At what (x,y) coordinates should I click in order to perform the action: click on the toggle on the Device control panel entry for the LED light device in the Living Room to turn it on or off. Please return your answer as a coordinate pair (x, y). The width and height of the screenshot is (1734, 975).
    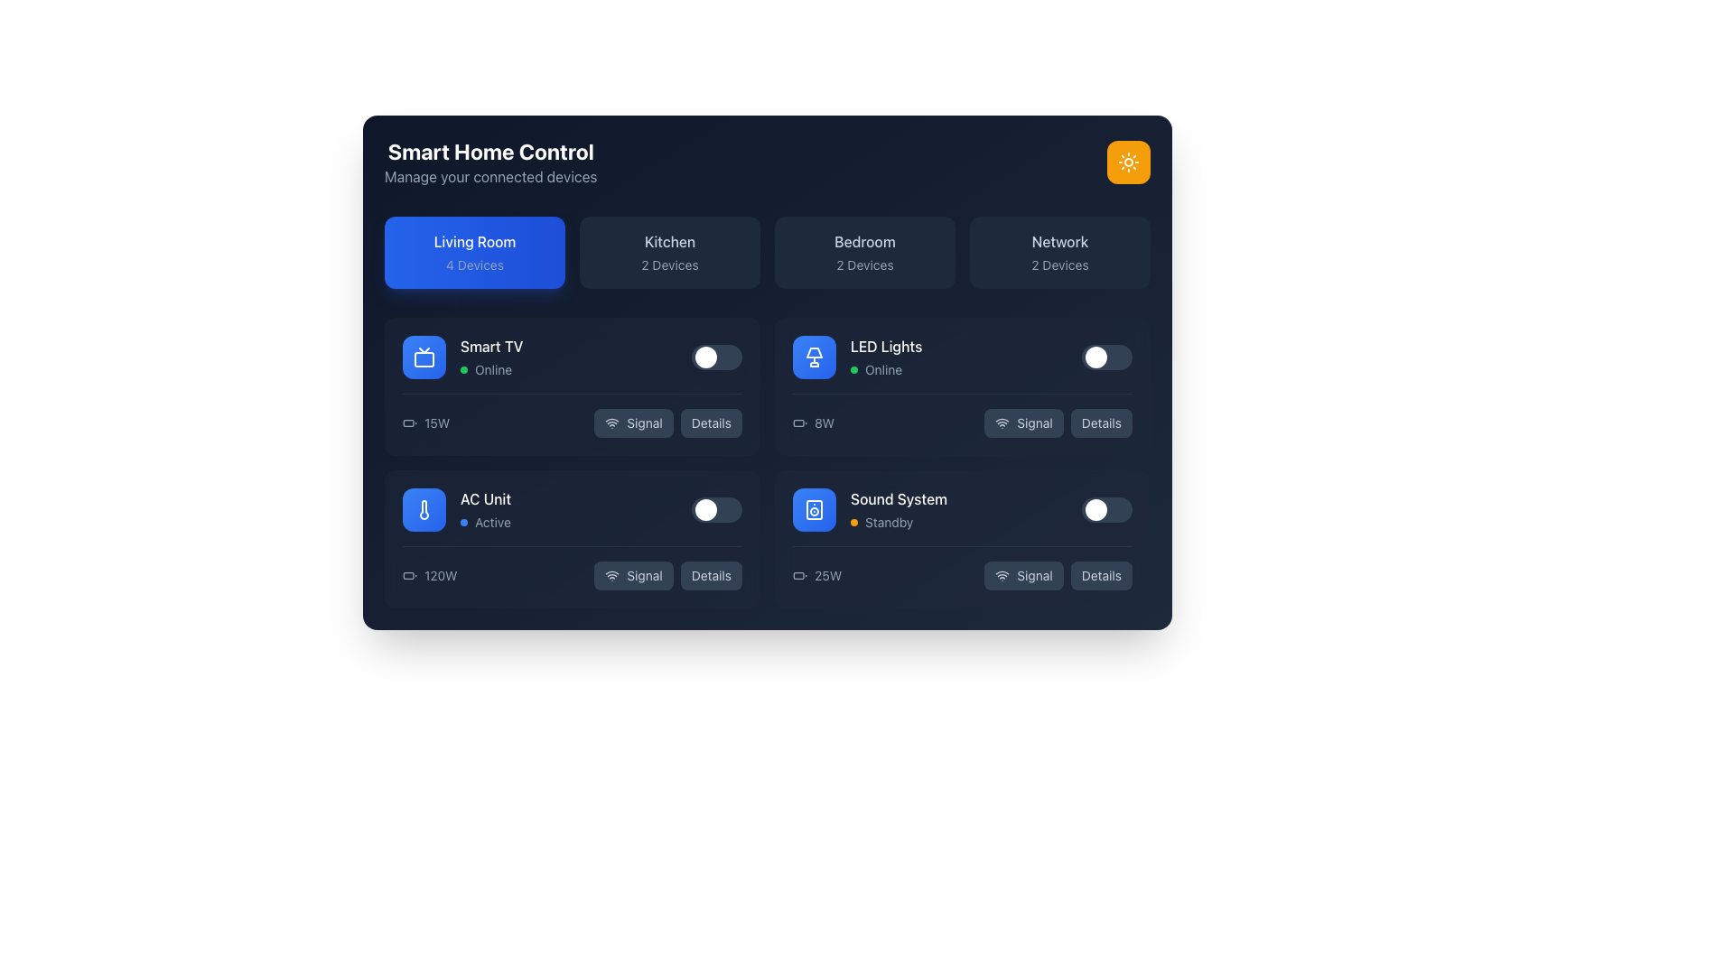
    Looking at the image, I should click on (961, 357).